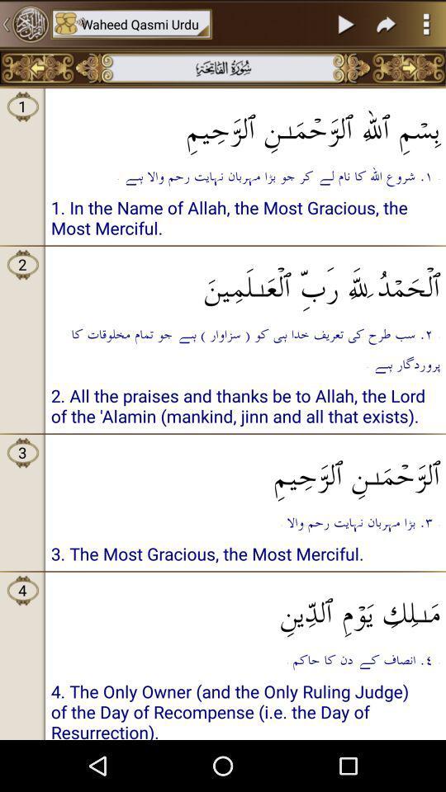 This screenshot has height=792, width=446. I want to click on the play icon, so click(346, 25).